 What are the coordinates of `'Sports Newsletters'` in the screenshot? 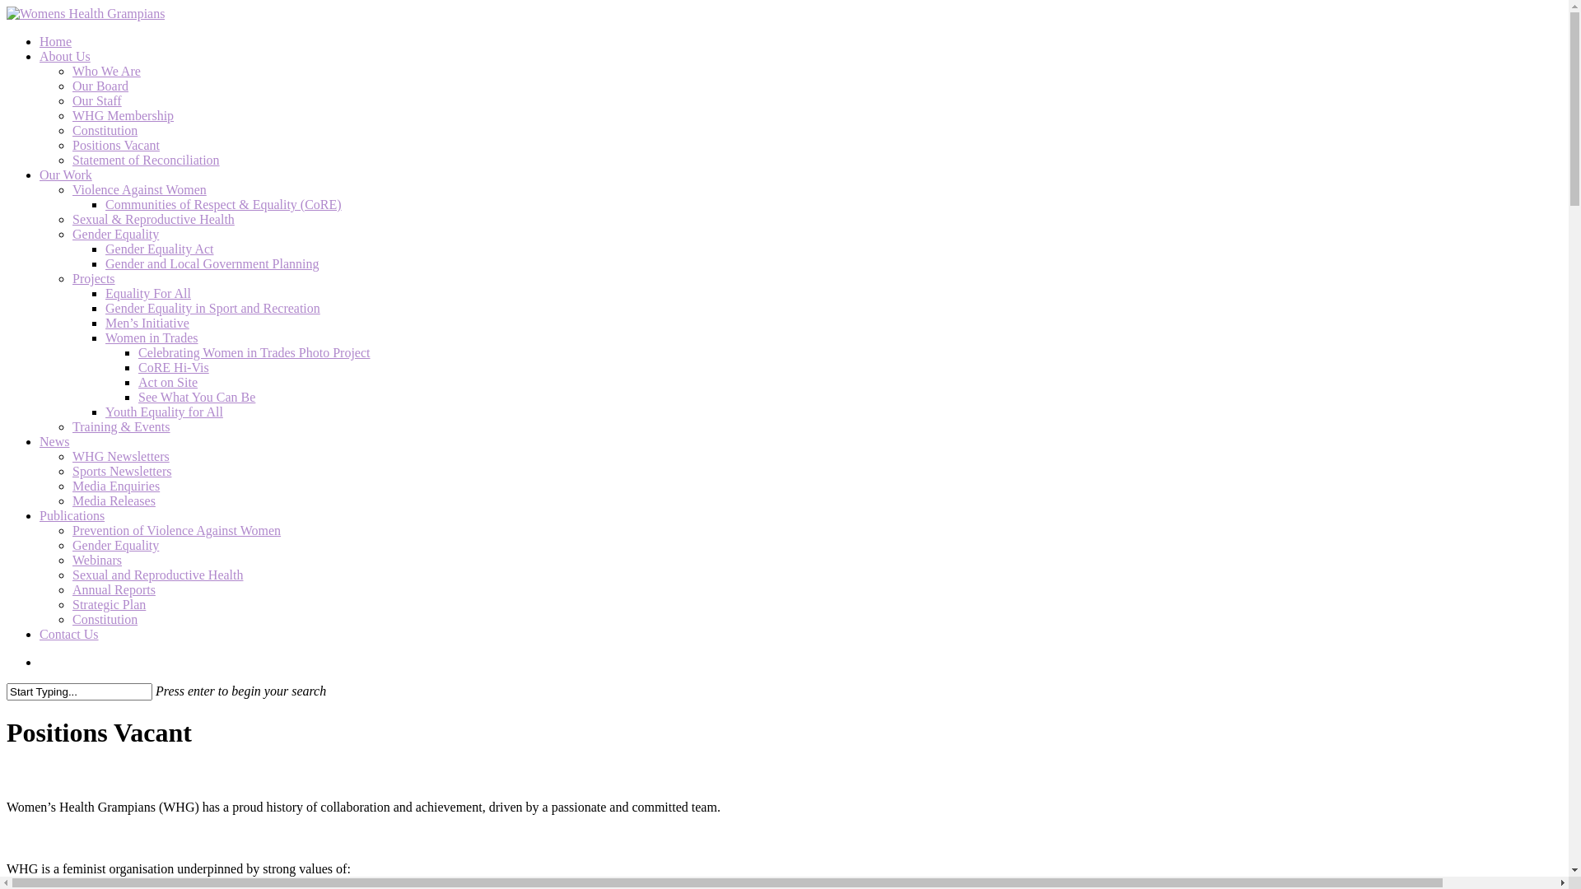 It's located at (121, 471).